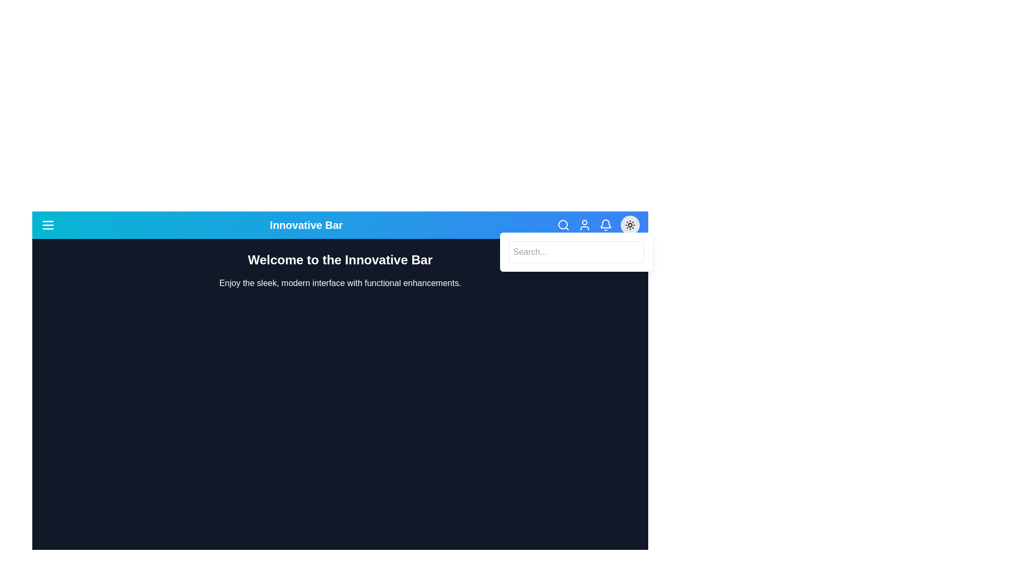 This screenshot has height=571, width=1016. What do you see at coordinates (605, 224) in the screenshot?
I see `the notification bell icon` at bounding box center [605, 224].